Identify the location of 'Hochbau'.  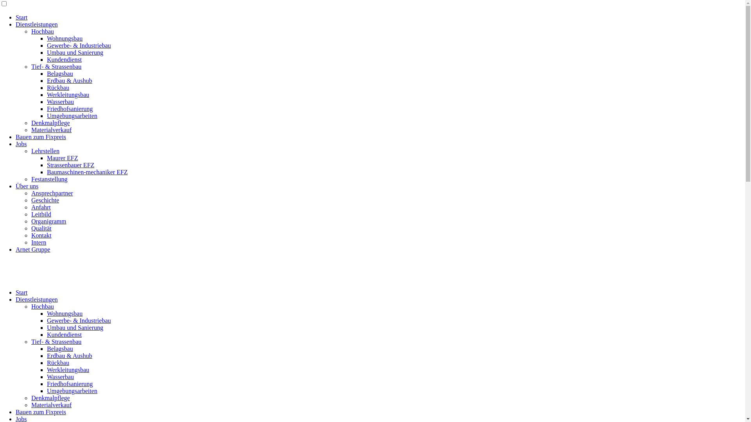
(42, 306).